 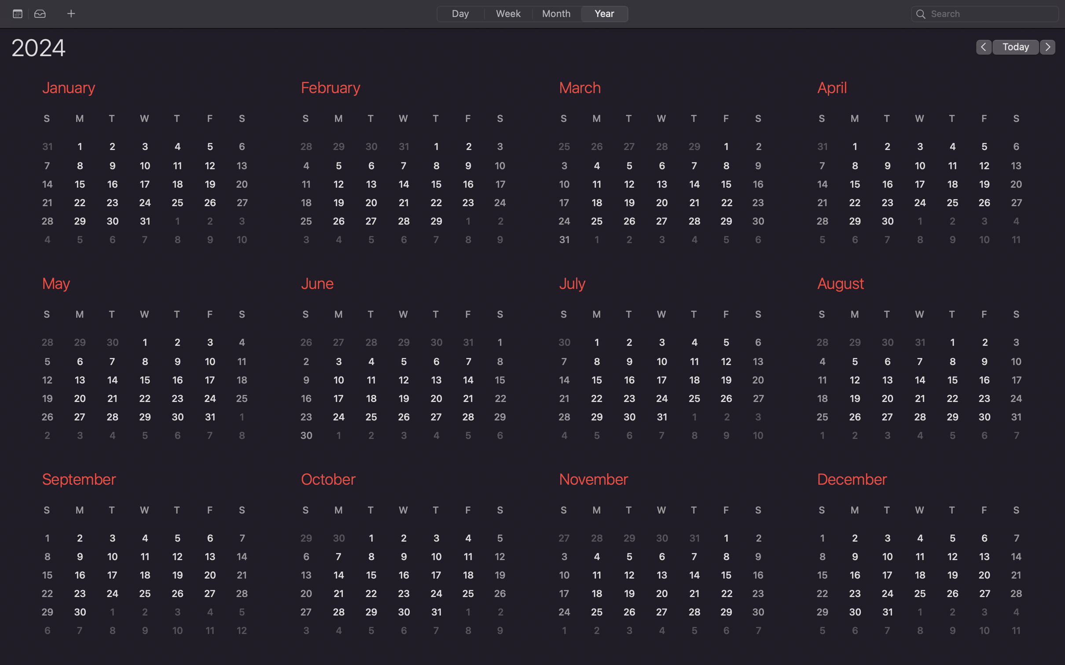 I want to click on the October month"s calendar, so click(x=402, y=557).